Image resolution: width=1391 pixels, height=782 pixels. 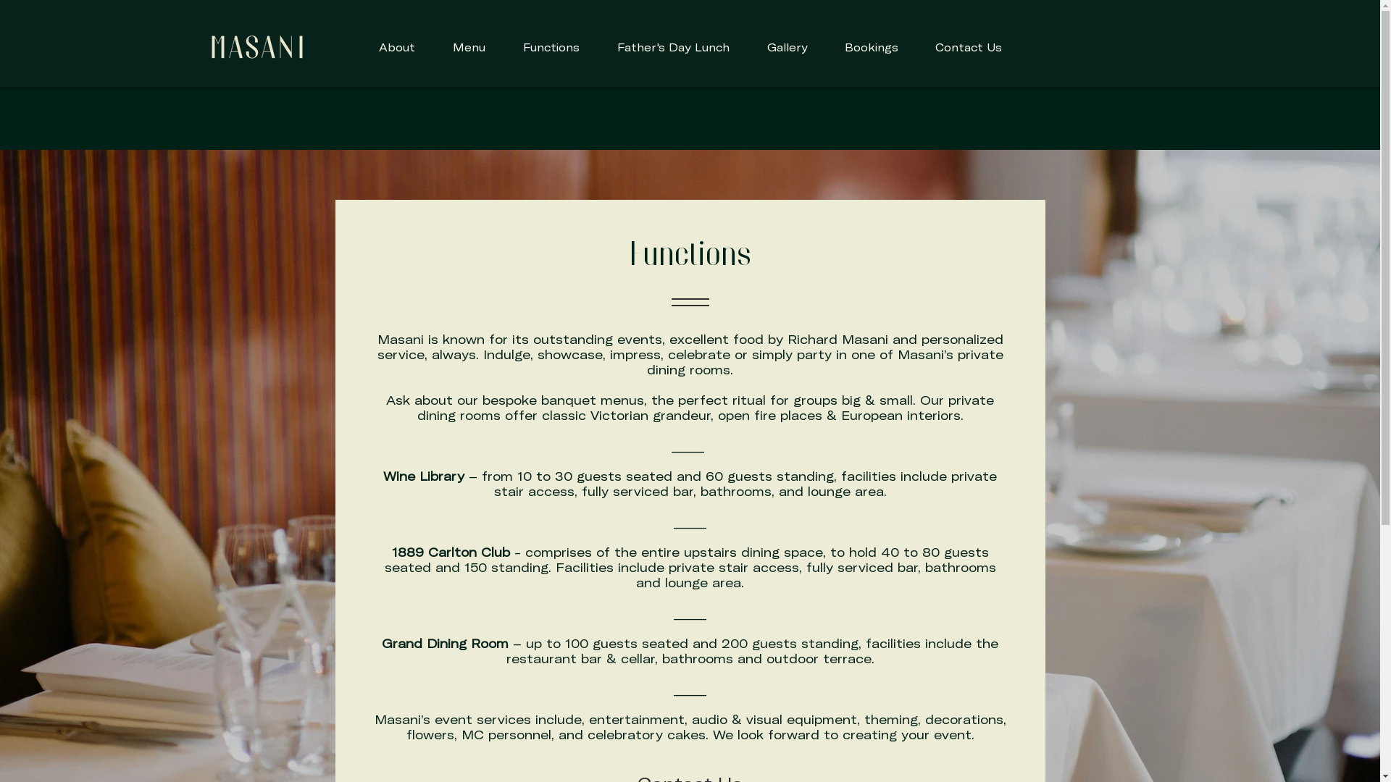 I want to click on 'Father's Day Lunch', so click(x=672, y=46).